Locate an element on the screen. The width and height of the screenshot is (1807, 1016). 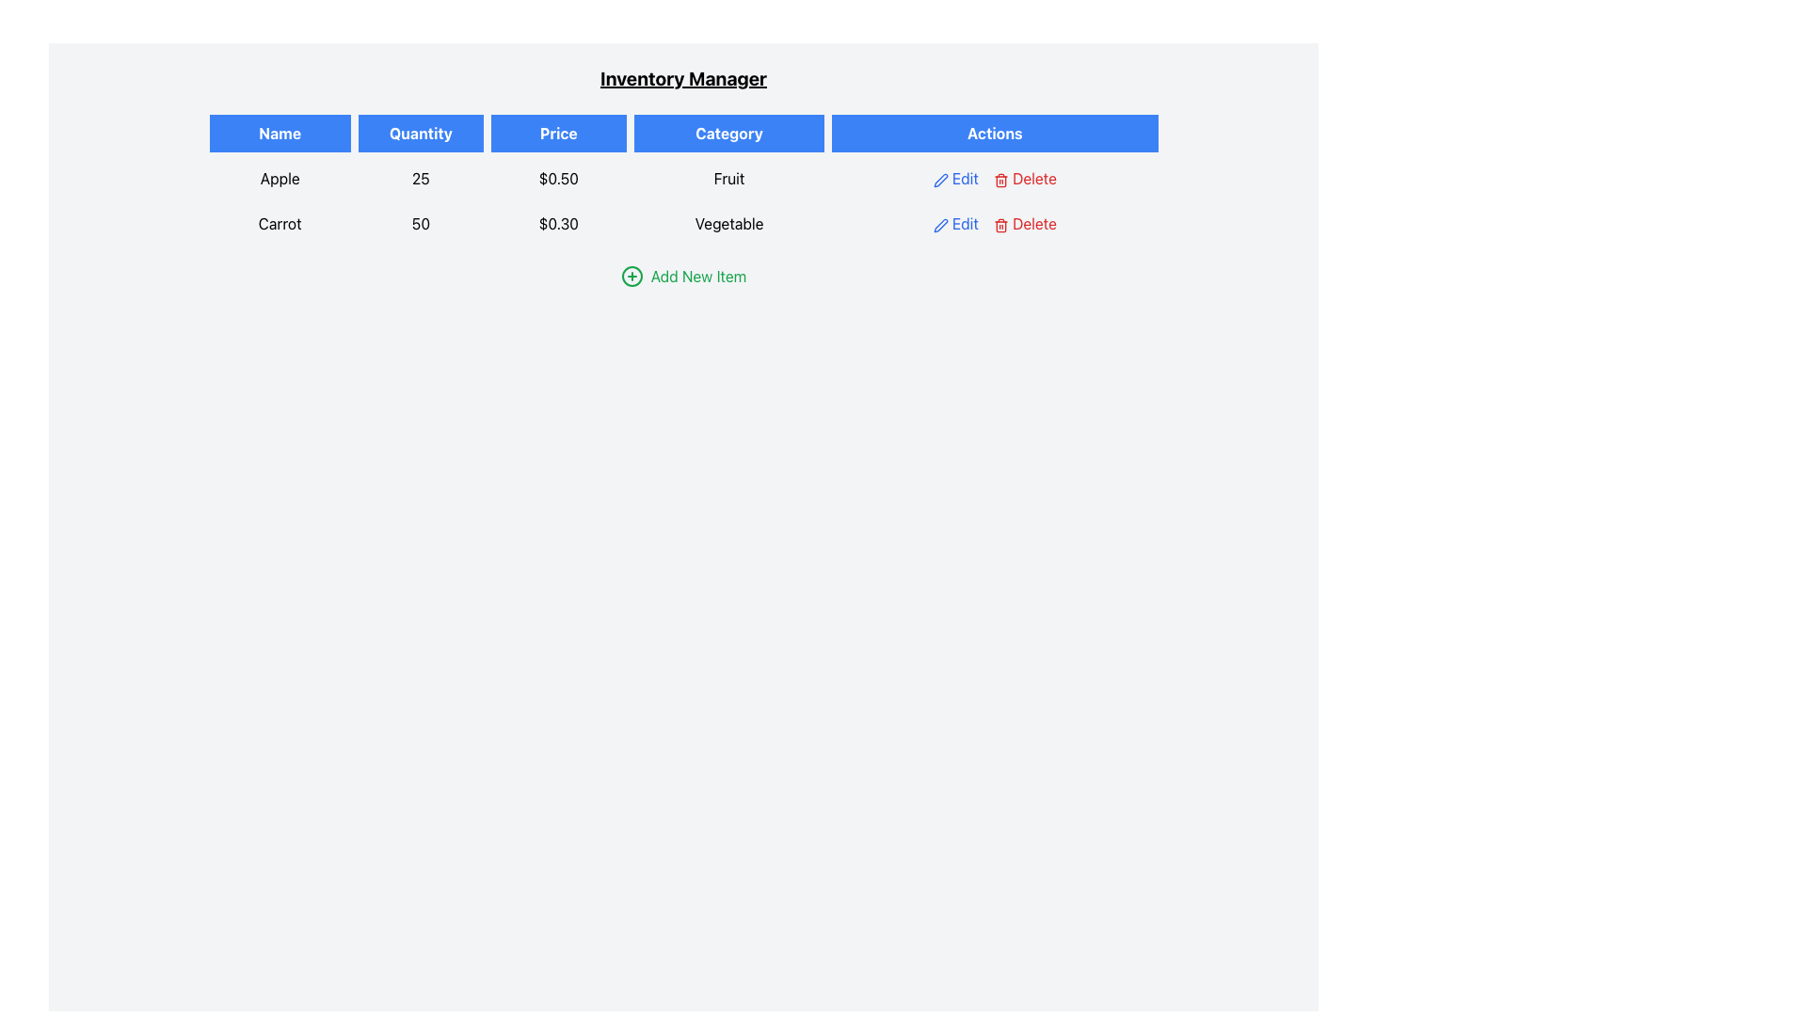
the text label displaying 'Apple' in the first row of the inventory table is located at coordinates (279, 178).